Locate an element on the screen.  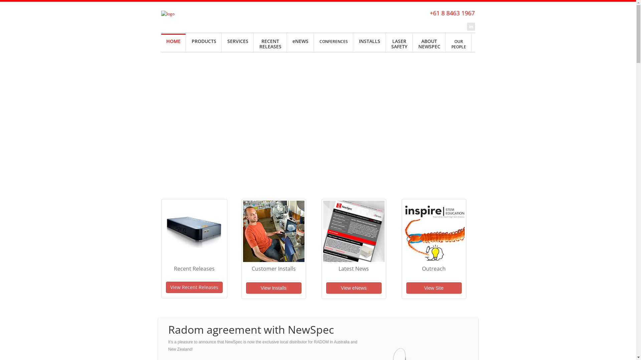
'HOME is located at coordinates (173, 43).